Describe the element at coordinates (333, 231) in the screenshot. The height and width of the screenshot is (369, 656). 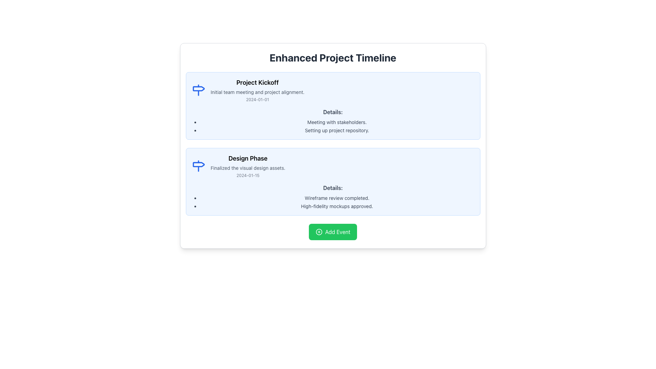
I see `the action button for adding a new event to the timeline, located below the 'Design Phase' details` at that location.